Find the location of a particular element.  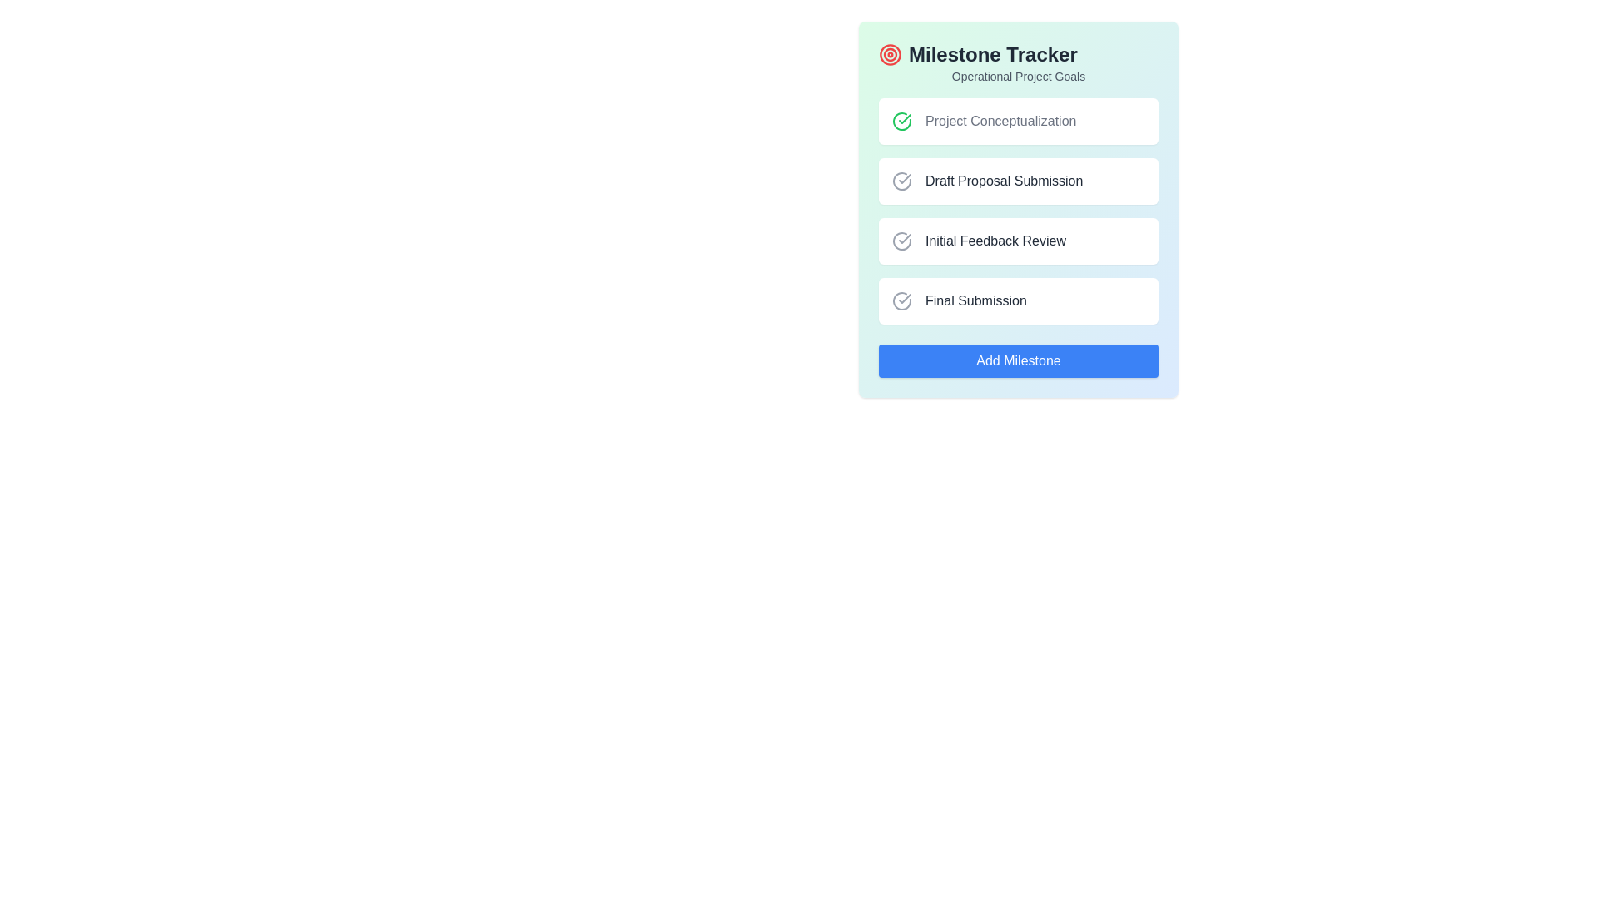

the text label displaying 'Draft Proposal Submission', which is styled in dark gray text and is part of a milestone tracker interface is located at coordinates (1003, 181).